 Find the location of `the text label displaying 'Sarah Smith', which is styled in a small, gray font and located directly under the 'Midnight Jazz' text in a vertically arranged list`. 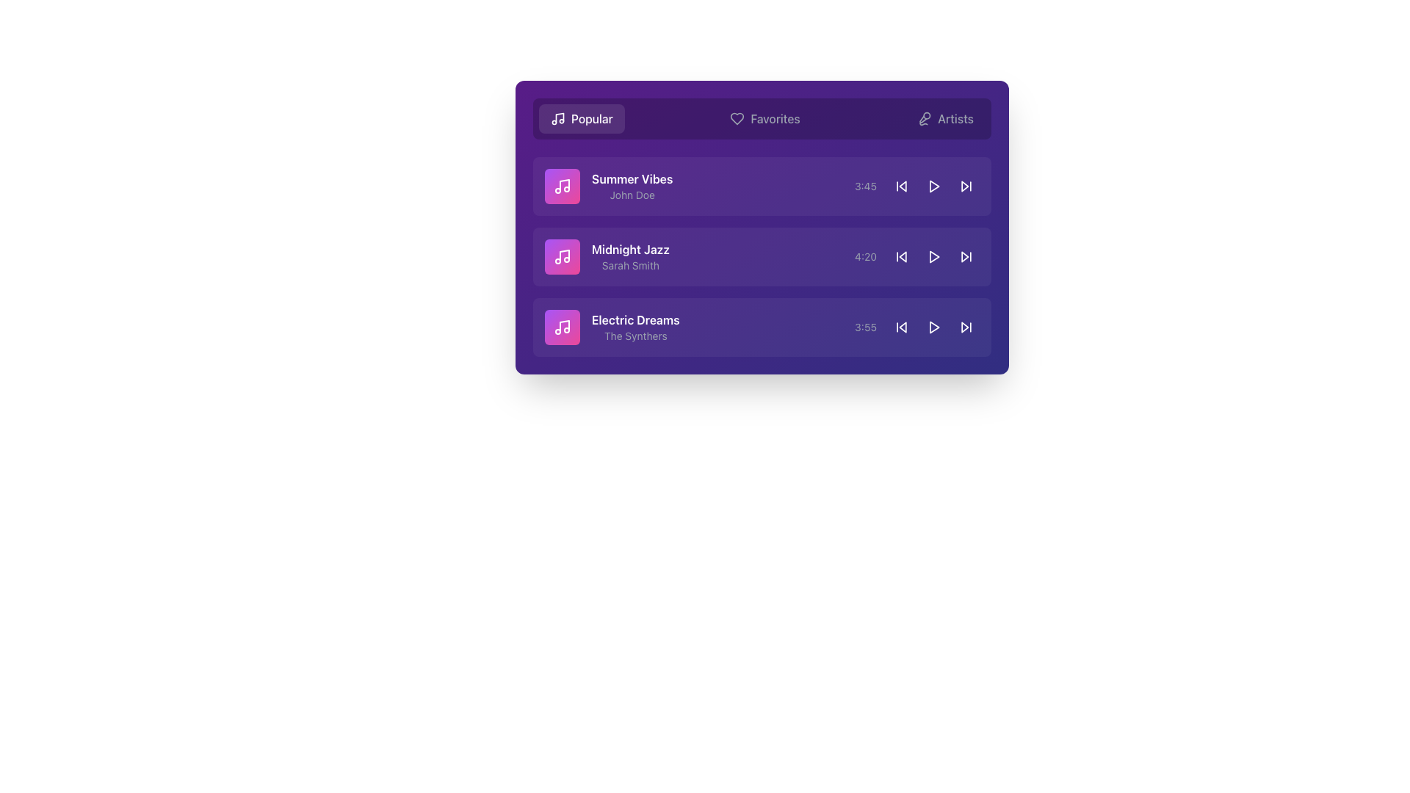

the text label displaying 'Sarah Smith', which is styled in a small, gray font and located directly under the 'Midnight Jazz' text in a vertically arranged list is located at coordinates (631, 266).